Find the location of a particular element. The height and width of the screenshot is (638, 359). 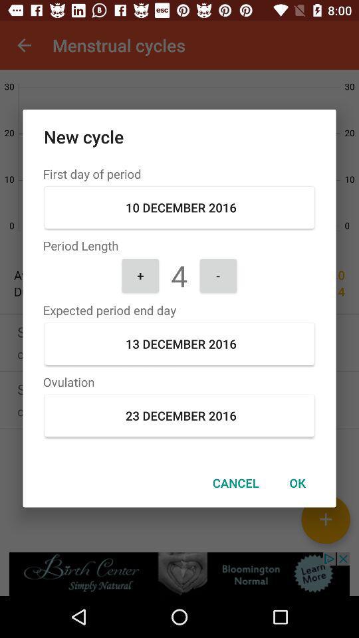

icon next to 4 item is located at coordinates (140, 274).